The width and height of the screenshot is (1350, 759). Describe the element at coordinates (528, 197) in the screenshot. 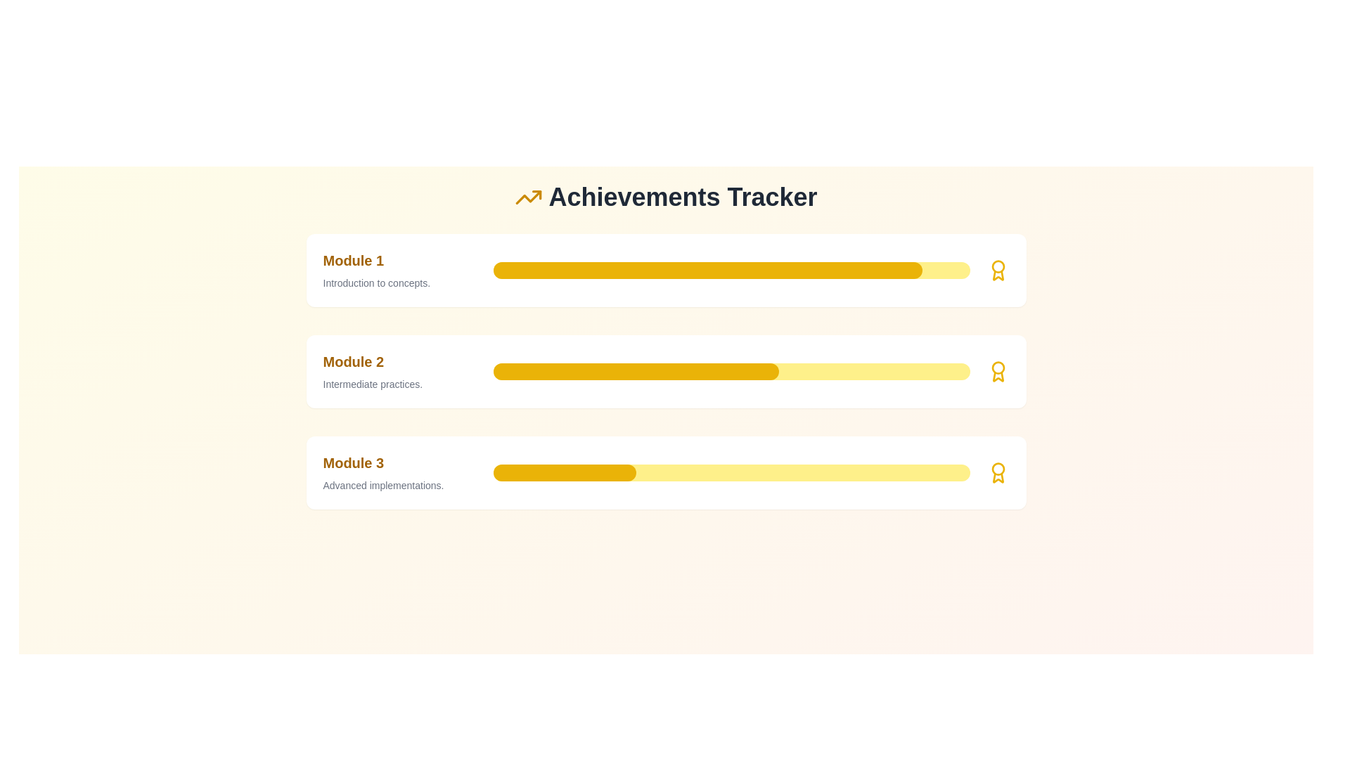

I see `the upward trending icon located to the left of the 'Achievements Tracker' heading, symbolizing growth and improvement` at that location.